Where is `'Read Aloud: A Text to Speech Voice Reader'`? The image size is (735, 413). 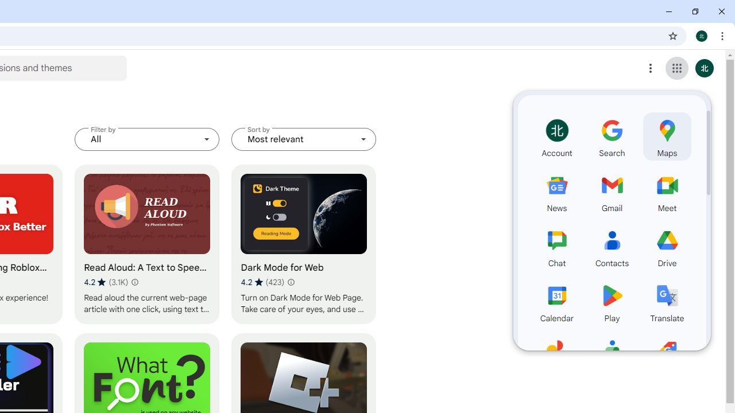
'Read Aloud: A Text to Speech Voice Reader' is located at coordinates (146, 244).